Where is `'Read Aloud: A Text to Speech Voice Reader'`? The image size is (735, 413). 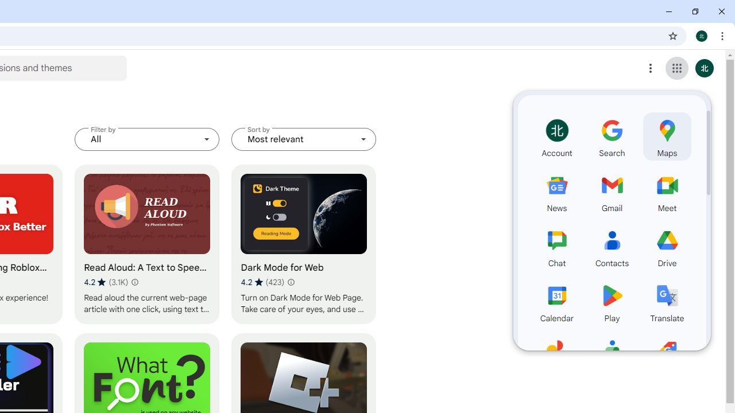
'Read Aloud: A Text to Speech Voice Reader' is located at coordinates (146, 244).